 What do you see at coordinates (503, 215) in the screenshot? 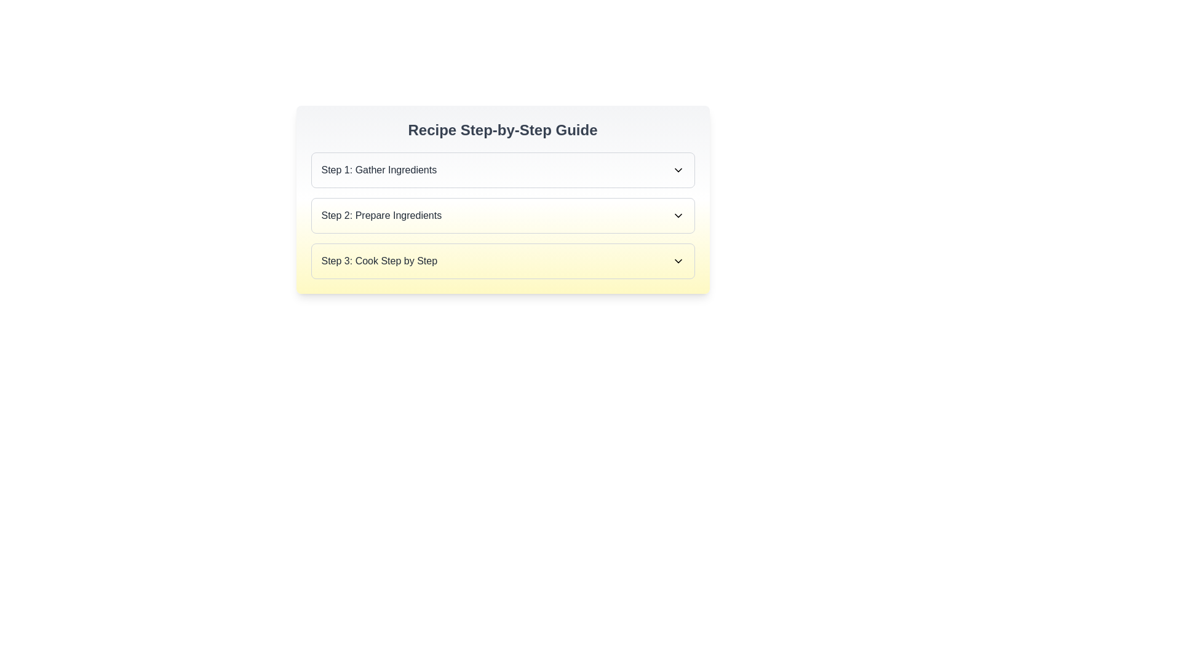
I see `the expandable list item labeled 'Step 2: Prepare Ingredients'` at bounding box center [503, 215].